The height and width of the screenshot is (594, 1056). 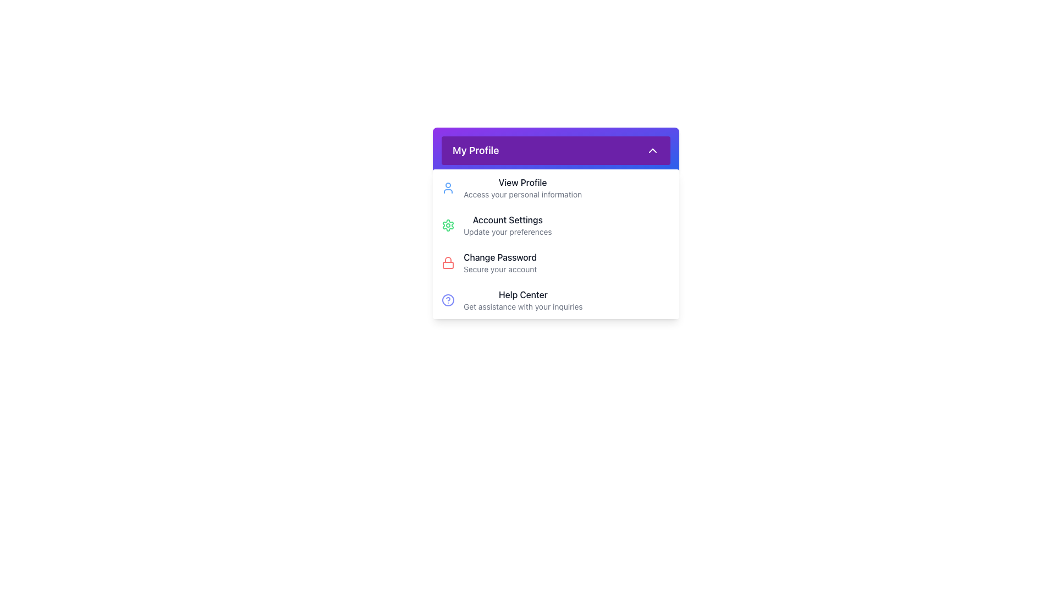 What do you see at coordinates (499, 257) in the screenshot?
I see `the 'Change Password' text label, which is styled in bold and prominently placed within the 'My Profile' section, directly above the supporting text 'Secure your account'` at bounding box center [499, 257].